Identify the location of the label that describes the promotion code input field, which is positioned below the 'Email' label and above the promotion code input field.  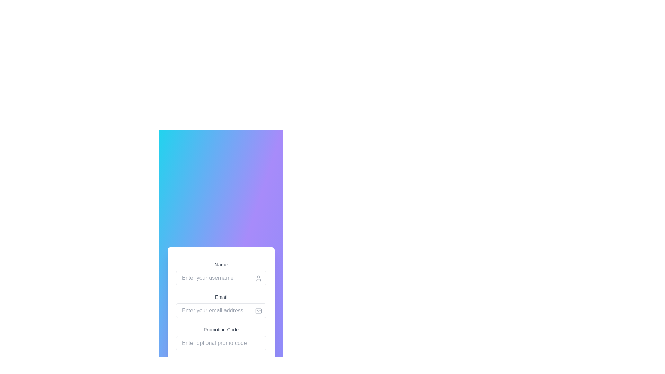
(221, 329).